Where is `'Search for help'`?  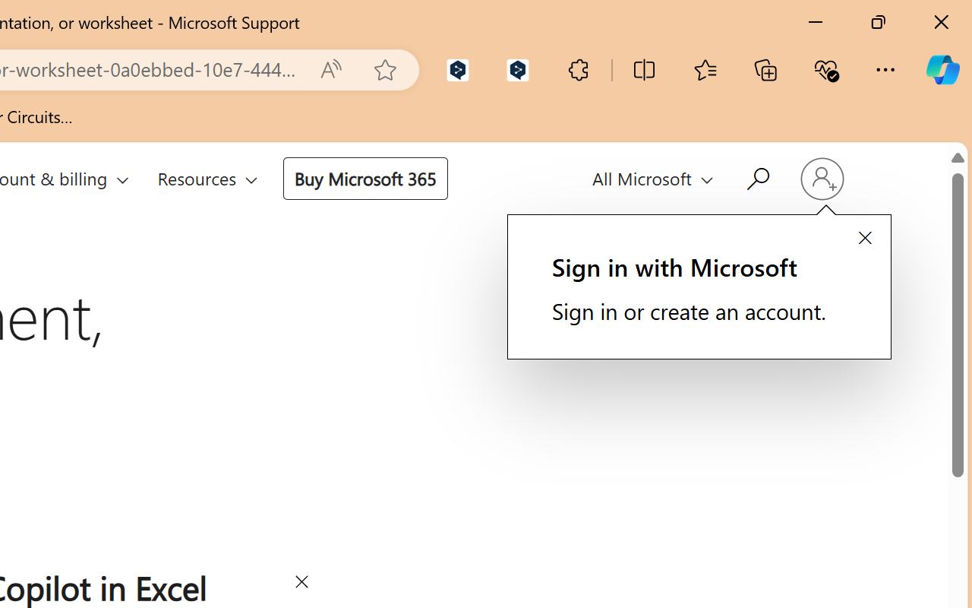
'Search for help' is located at coordinates (756, 176).